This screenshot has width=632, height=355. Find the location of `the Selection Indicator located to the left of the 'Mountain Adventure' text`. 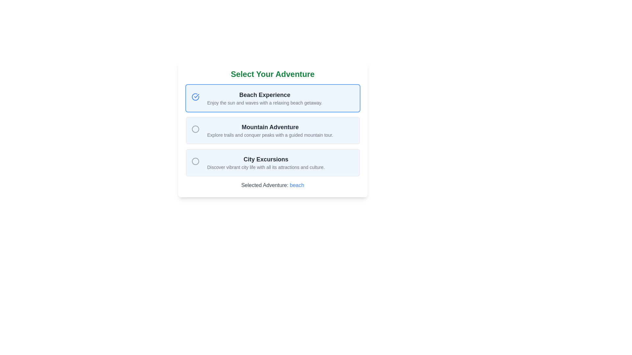

the Selection Indicator located to the left of the 'Mountain Adventure' text is located at coordinates (196, 130).